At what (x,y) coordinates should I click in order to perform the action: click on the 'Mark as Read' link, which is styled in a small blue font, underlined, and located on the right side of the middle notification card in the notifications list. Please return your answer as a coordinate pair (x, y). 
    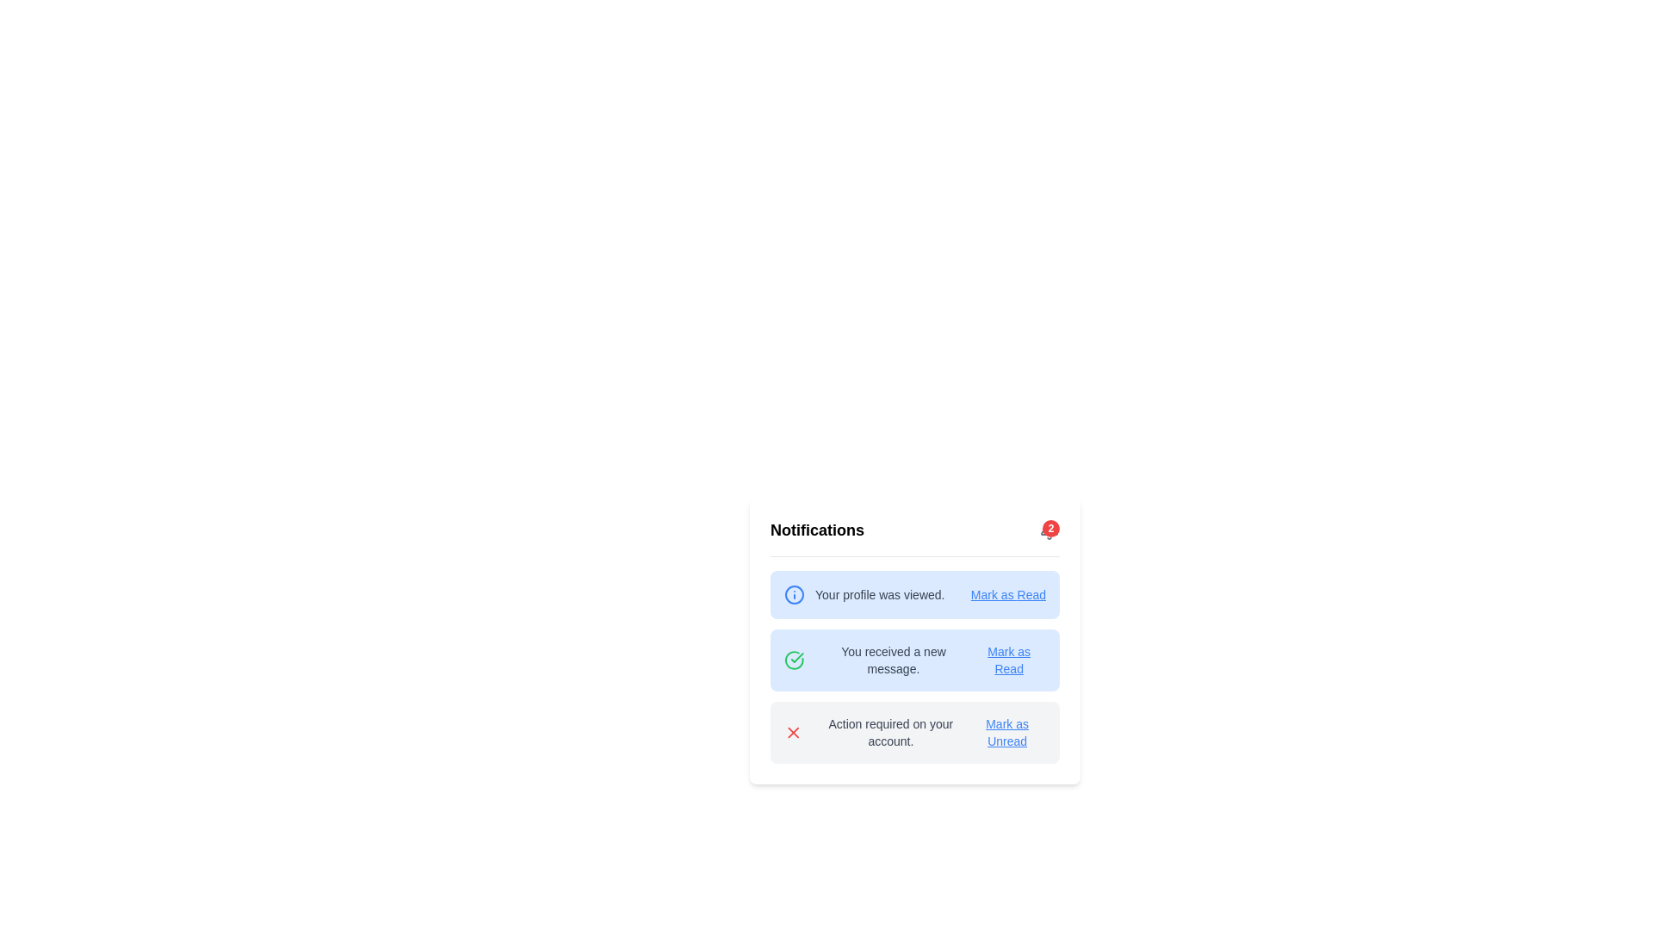
    Looking at the image, I should click on (1009, 660).